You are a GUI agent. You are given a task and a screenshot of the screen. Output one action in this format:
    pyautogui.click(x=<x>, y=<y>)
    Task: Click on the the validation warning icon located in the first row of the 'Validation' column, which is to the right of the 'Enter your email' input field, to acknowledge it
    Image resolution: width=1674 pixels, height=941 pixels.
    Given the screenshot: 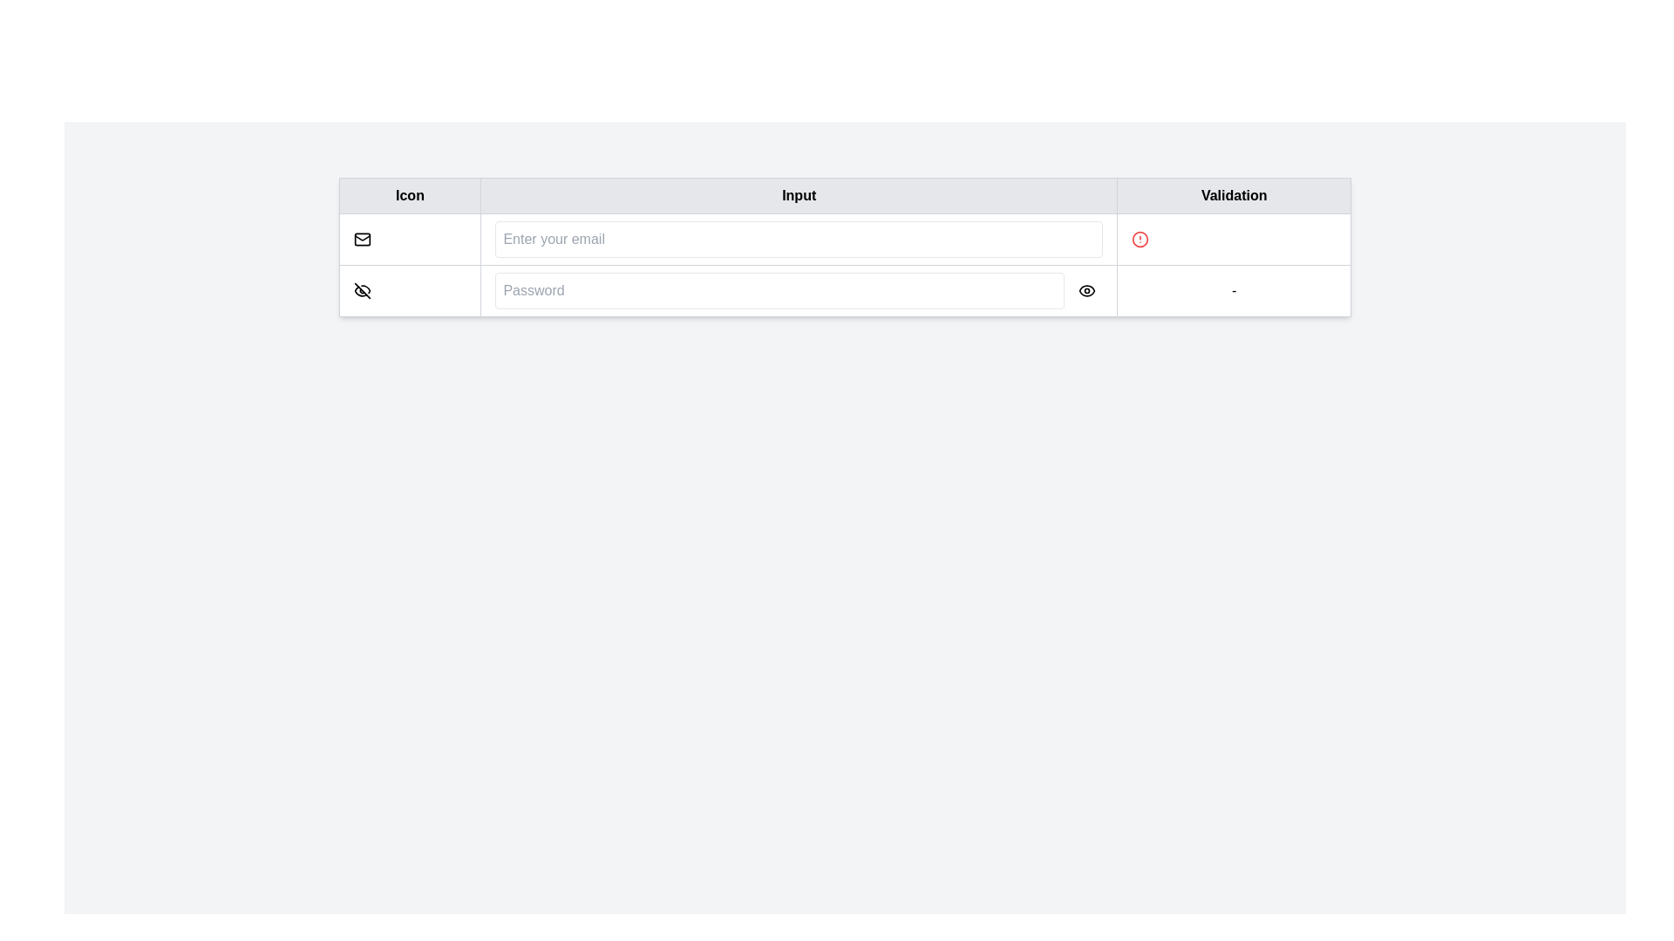 What is the action you would take?
    pyautogui.click(x=1140, y=239)
    